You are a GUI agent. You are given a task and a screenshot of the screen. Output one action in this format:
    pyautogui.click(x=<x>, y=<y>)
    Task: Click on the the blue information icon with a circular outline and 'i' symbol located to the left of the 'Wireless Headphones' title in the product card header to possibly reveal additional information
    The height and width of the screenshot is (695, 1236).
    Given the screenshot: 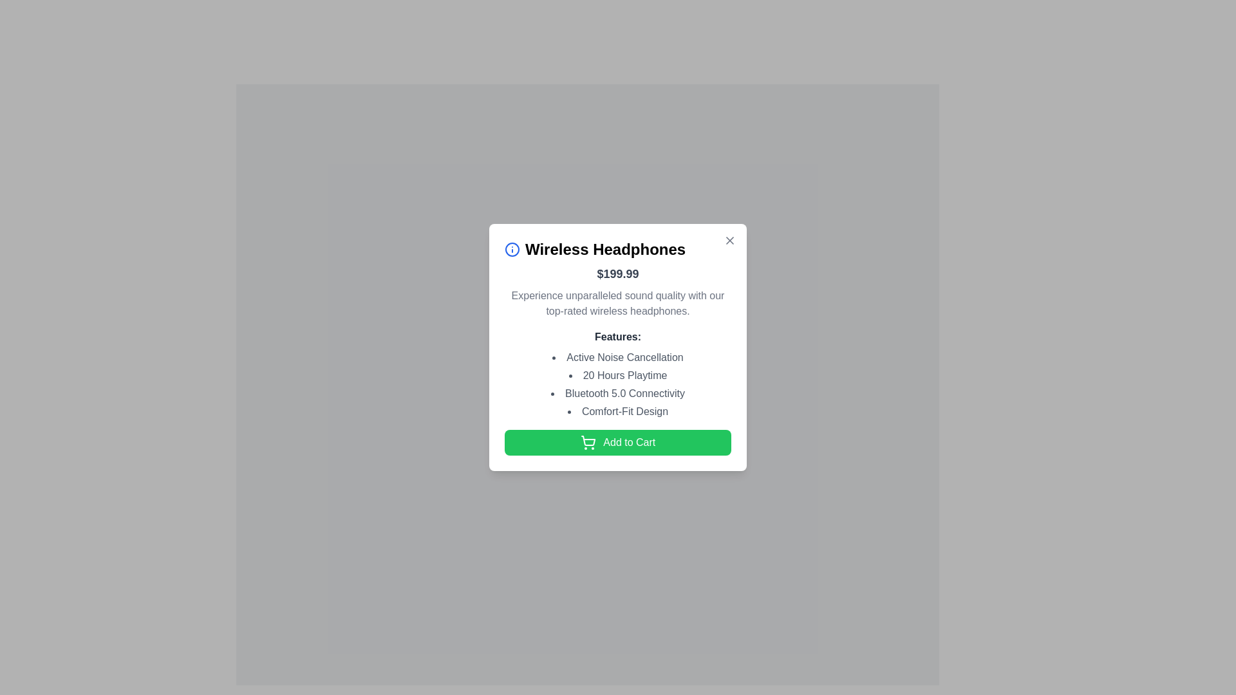 What is the action you would take?
    pyautogui.click(x=512, y=248)
    